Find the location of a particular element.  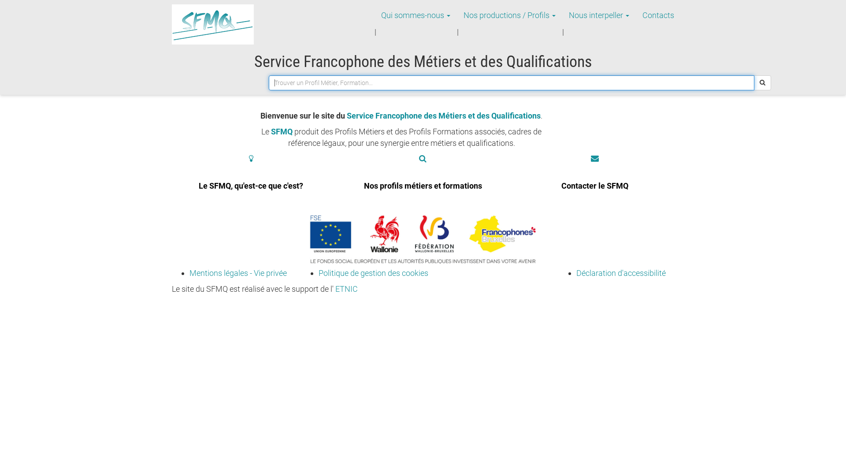

'Politique de gestion des cookies' is located at coordinates (373, 272).